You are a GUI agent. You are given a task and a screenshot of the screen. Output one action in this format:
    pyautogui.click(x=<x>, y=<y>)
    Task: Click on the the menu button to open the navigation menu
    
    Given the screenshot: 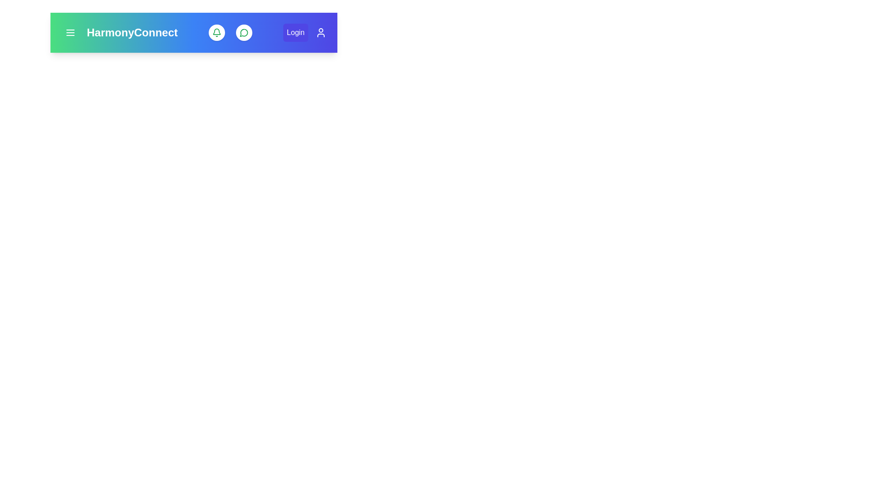 What is the action you would take?
    pyautogui.click(x=70, y=32)
    